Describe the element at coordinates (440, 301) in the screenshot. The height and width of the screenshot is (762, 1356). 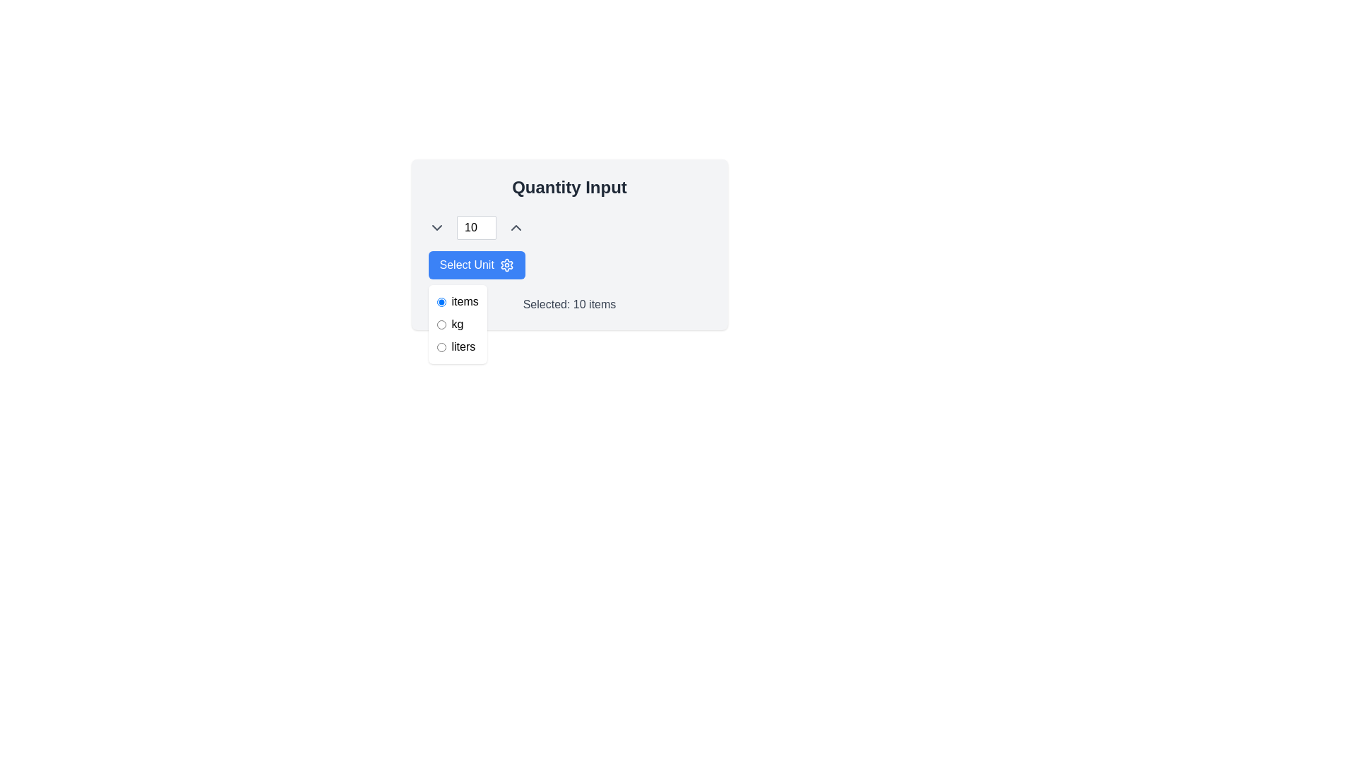
I see `the radio button located to the left of the text label 'items'` at that location.